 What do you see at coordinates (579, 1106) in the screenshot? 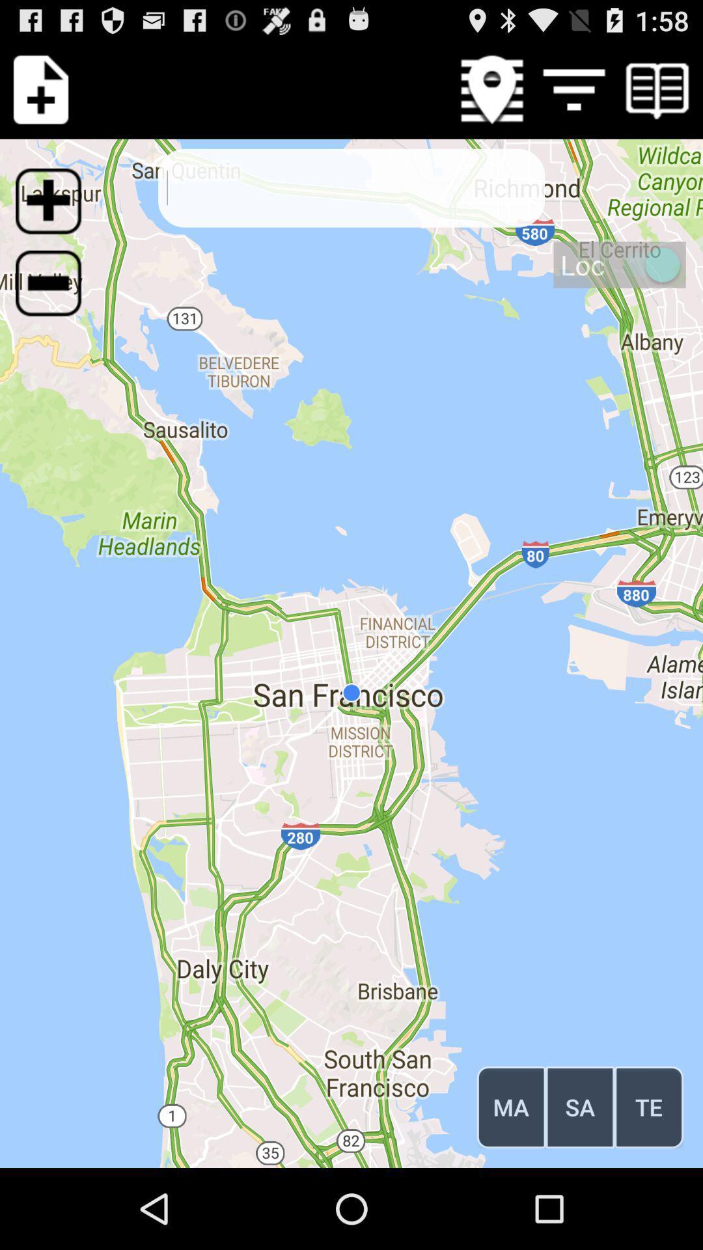
I see `the button to the left of te button` at bounding box center [579, 1106].